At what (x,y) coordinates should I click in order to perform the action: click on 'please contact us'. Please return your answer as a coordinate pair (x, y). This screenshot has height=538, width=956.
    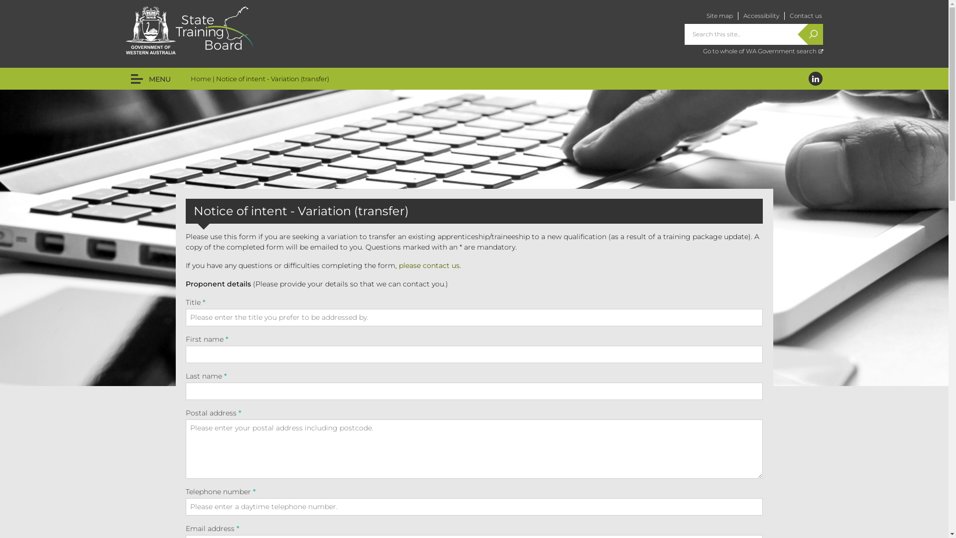
    Looking at the image, I should click on (428, 265).